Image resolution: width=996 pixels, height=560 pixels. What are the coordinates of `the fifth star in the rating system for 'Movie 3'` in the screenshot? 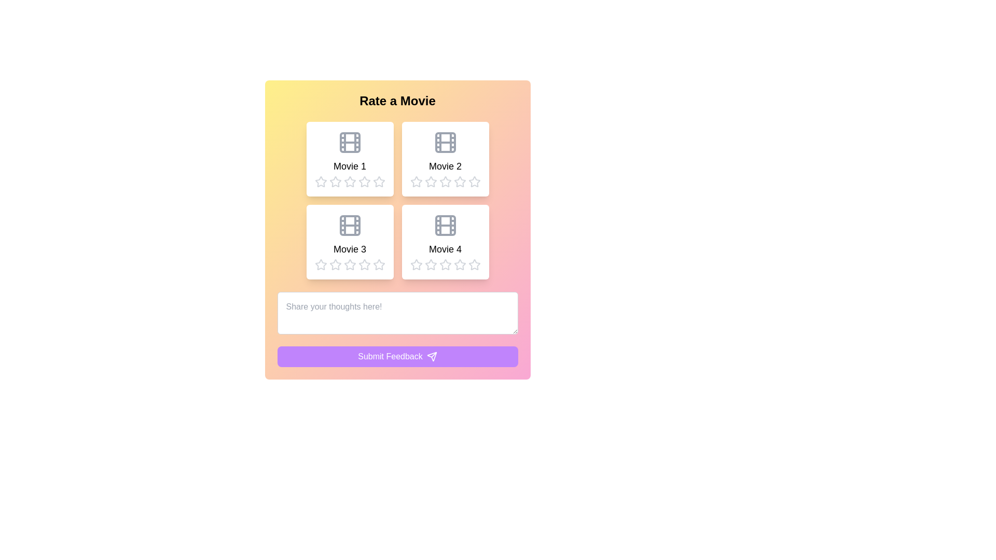 It's located at (364, 264).